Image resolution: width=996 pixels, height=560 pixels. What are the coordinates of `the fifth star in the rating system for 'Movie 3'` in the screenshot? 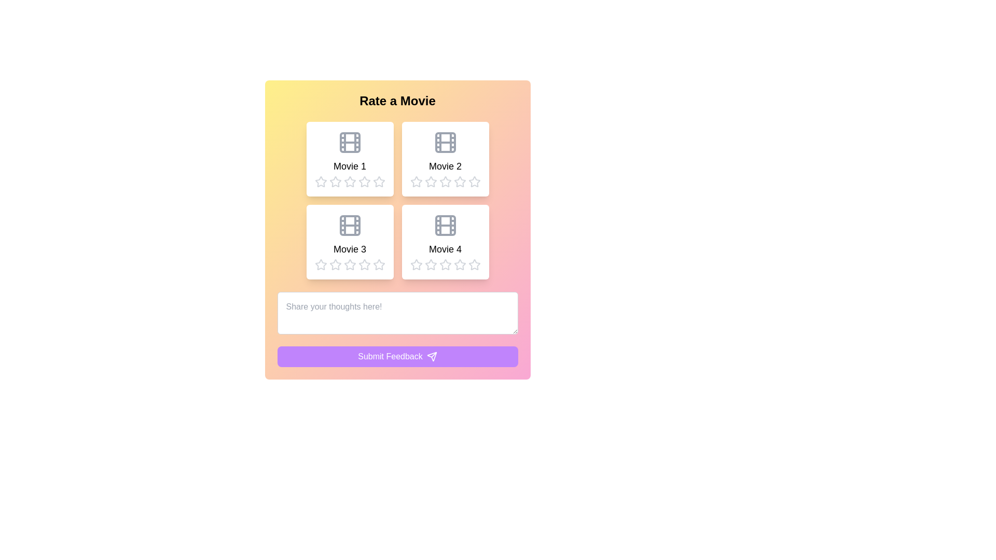 It's located at (364, 264).